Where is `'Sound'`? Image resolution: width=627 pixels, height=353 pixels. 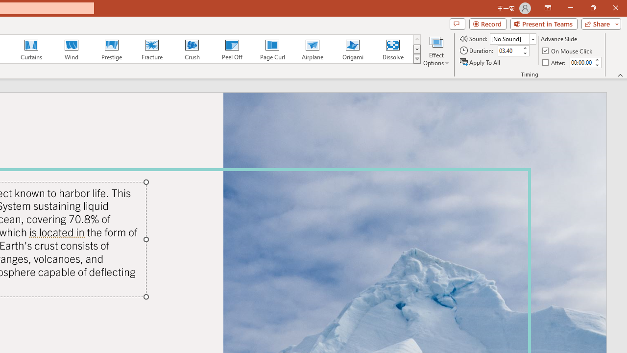
'Sound' is located at coordinates (512, 38).